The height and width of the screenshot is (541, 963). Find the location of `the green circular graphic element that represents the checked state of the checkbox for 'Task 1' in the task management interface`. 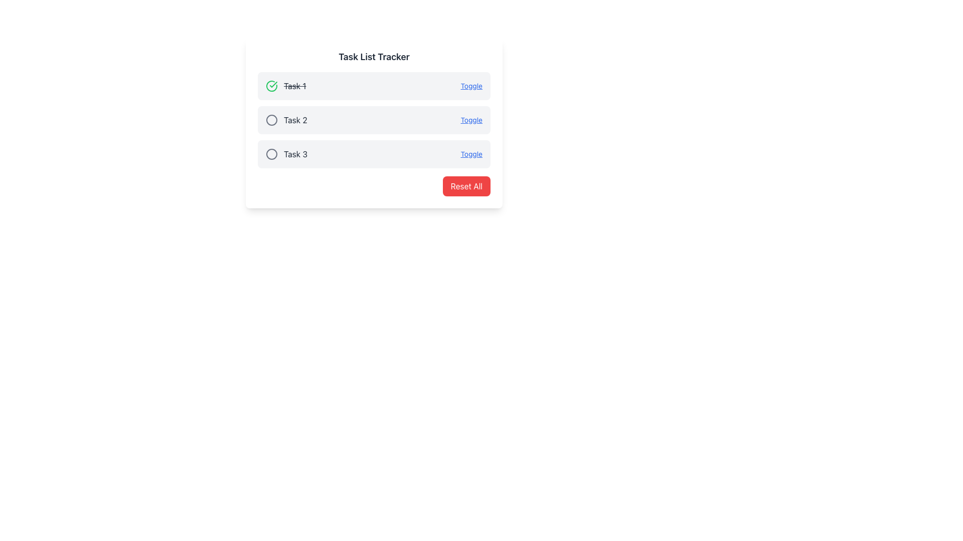

the green circular graphic element that represents the checked state of the checkbox for 'Task 1' in the task management interface is located at coordinates (272, 86).